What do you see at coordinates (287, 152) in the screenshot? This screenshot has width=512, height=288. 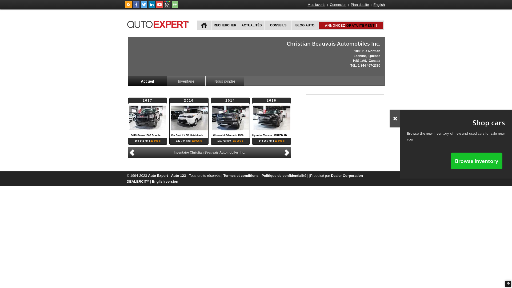 I see `'Suivant'` at bounding box center [287, 152].